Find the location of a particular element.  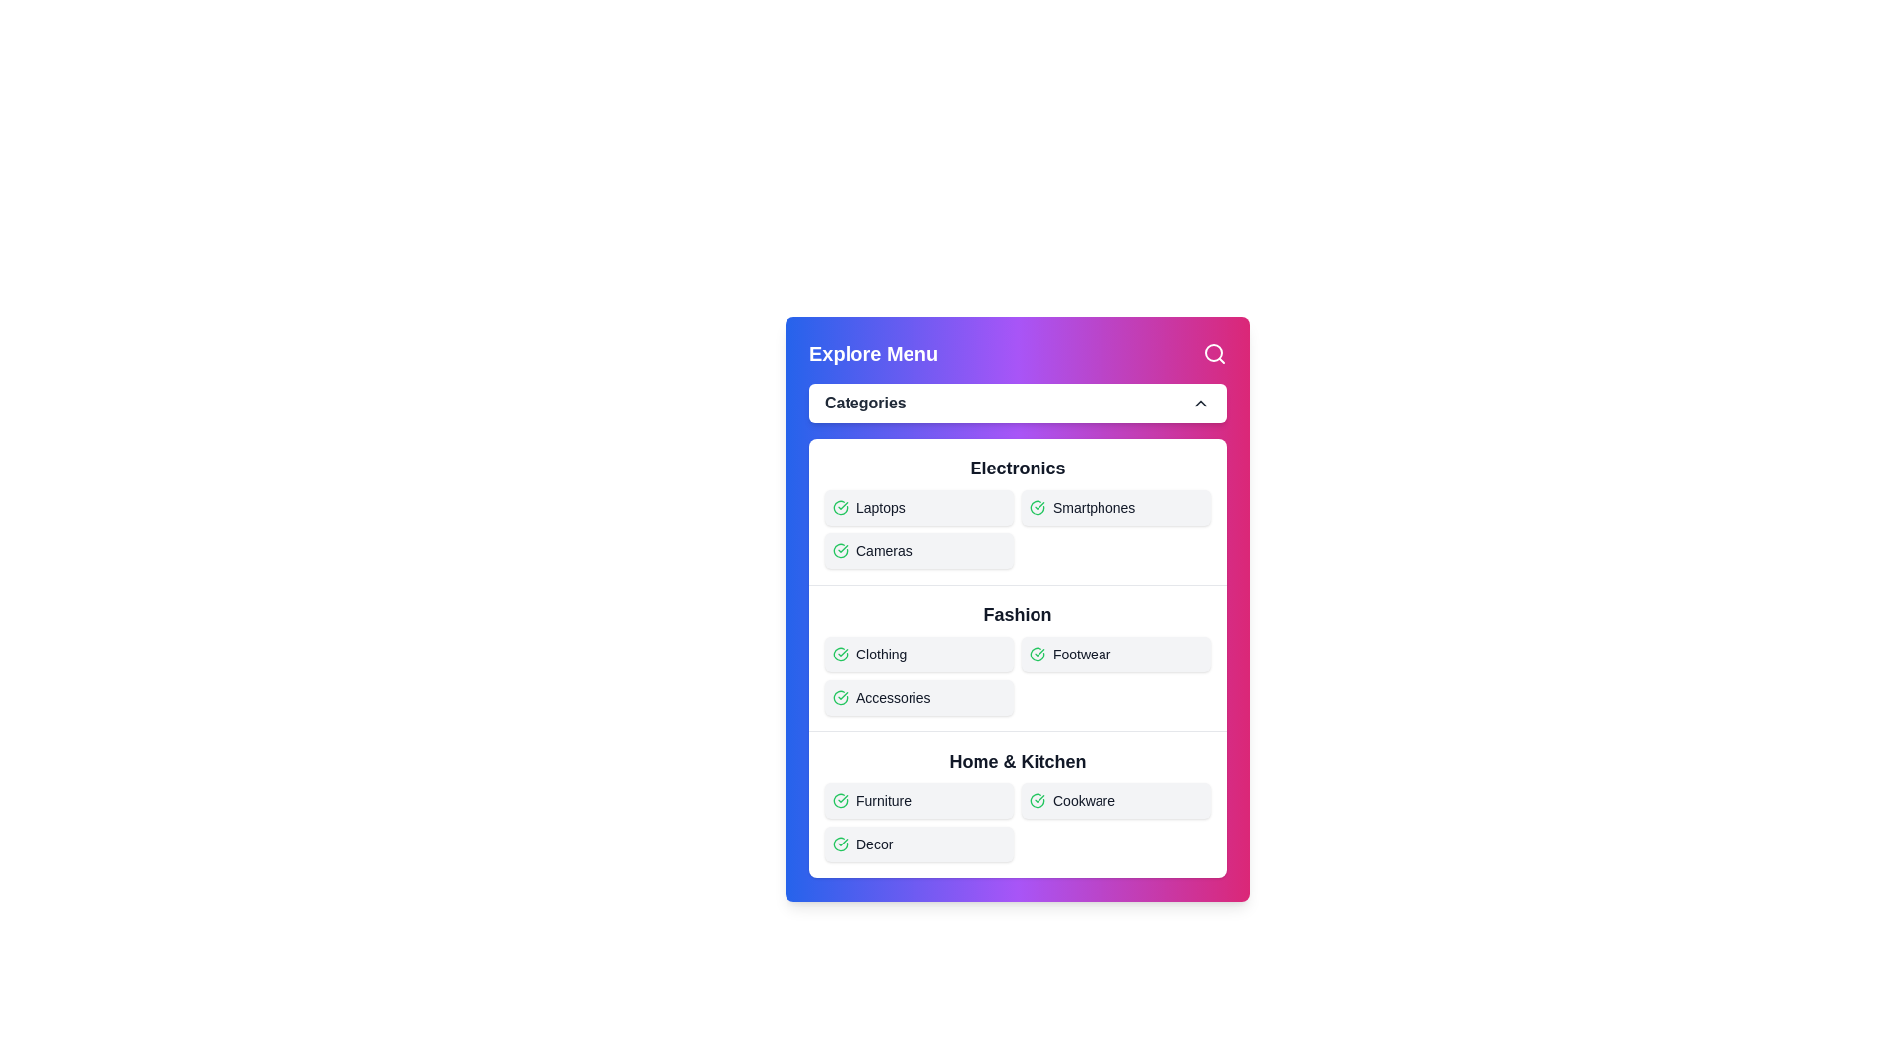

an item within the Menu Section, which is a white rectangular area with rounded corners located at the center of the interface, below the 'Categories' element is located at coordinates (1017, 657).